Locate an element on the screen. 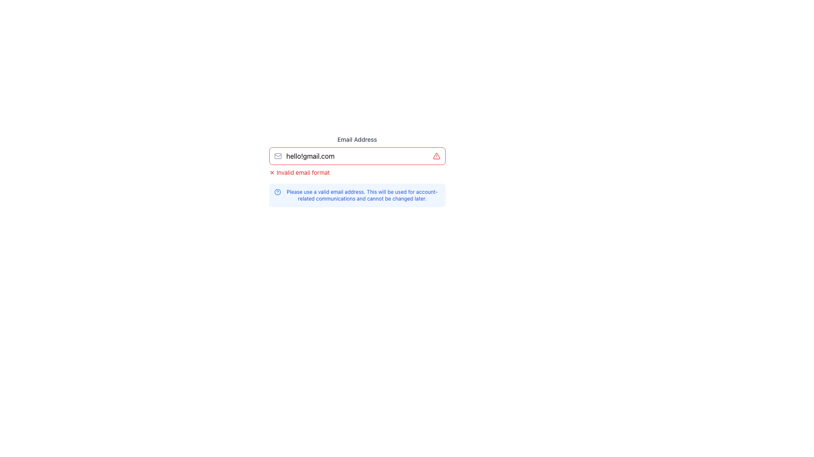 The width and height of the screenshot is (814, 457). the informative notification box with a blue question mark icon, which is located below the 'Email Address' input field and the 'Invalid email format.' warning message, to read the information more carefully is located at coordinates (357, 195).